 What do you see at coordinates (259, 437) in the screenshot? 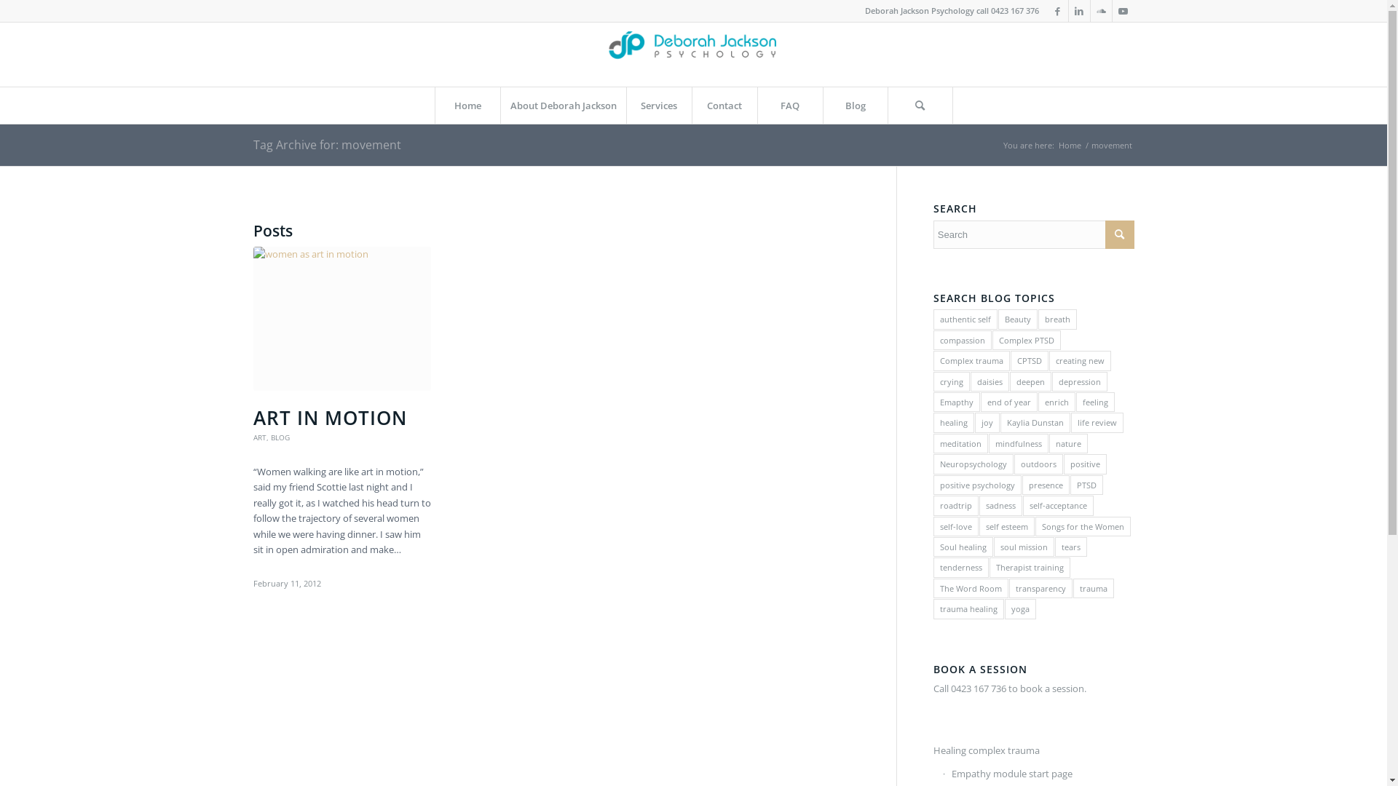
I see `'ART'` at bounding box center [259, 437].